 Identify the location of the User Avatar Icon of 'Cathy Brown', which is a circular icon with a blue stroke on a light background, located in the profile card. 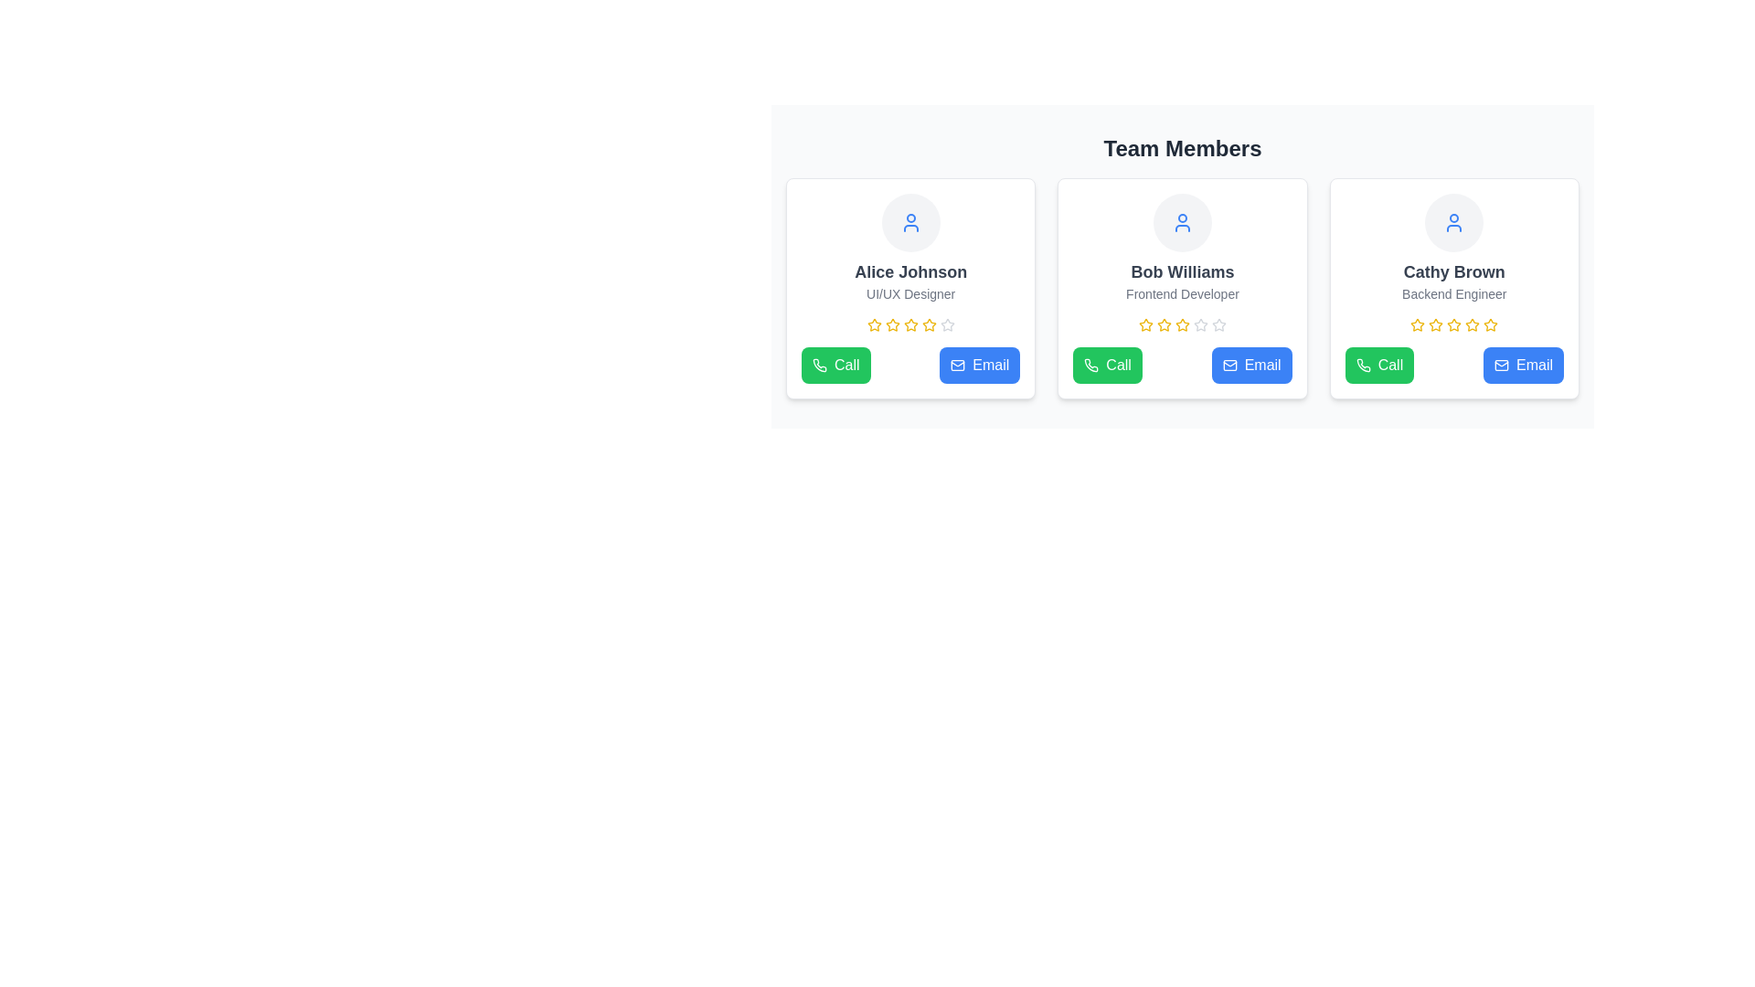
(1453, 221).